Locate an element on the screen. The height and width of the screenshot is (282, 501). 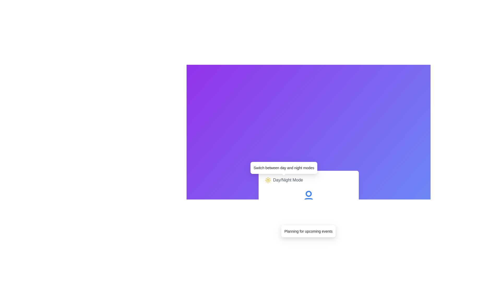
sun icon representing the Day/Night Mode for accessibility purposes is located at coordinates (268, 180).